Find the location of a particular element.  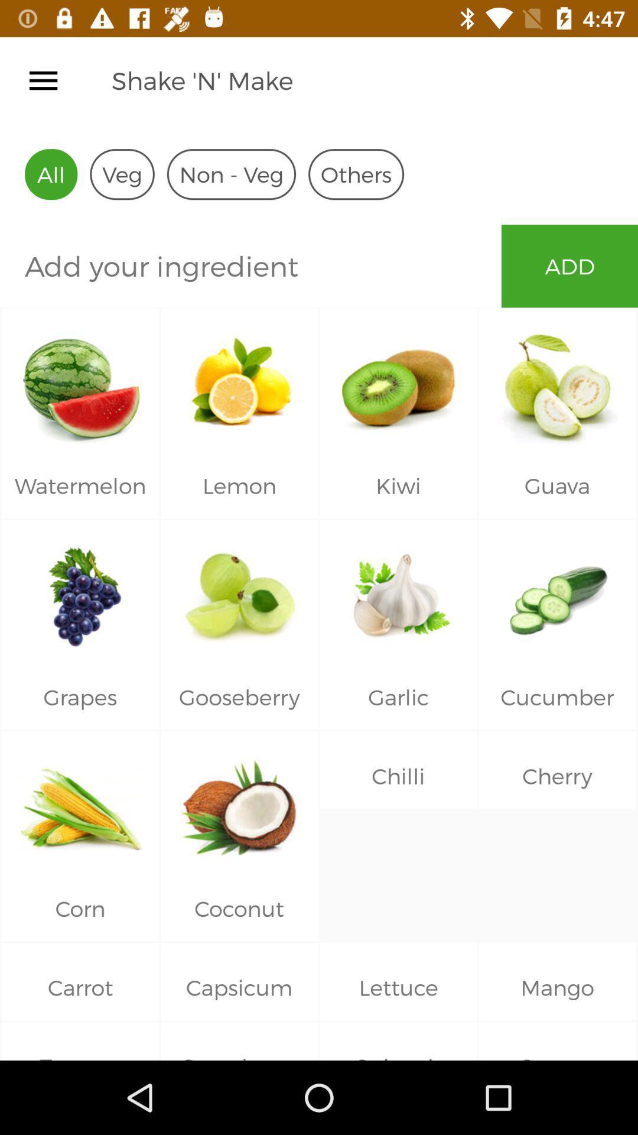

all is located at coordinates (50, 173).